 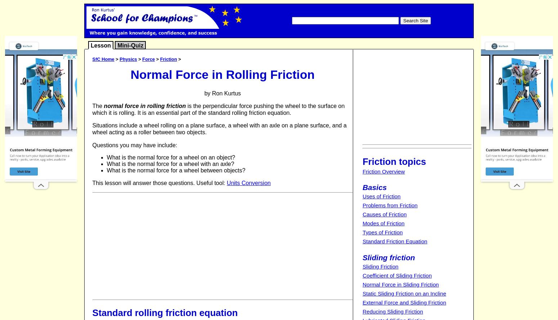 I want to click on 'Problems from Friction', so click(x=390, y=205).